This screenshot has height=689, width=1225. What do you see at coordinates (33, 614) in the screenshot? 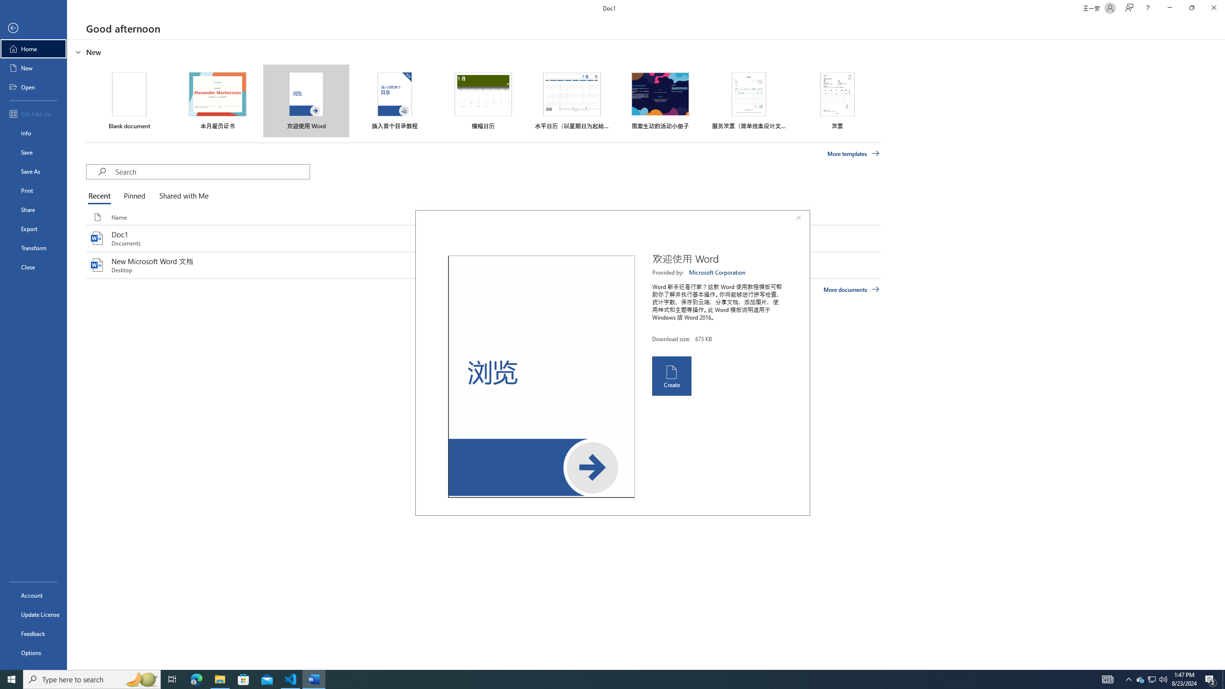
I see `'Update License'` at bounding box center [33, 614].